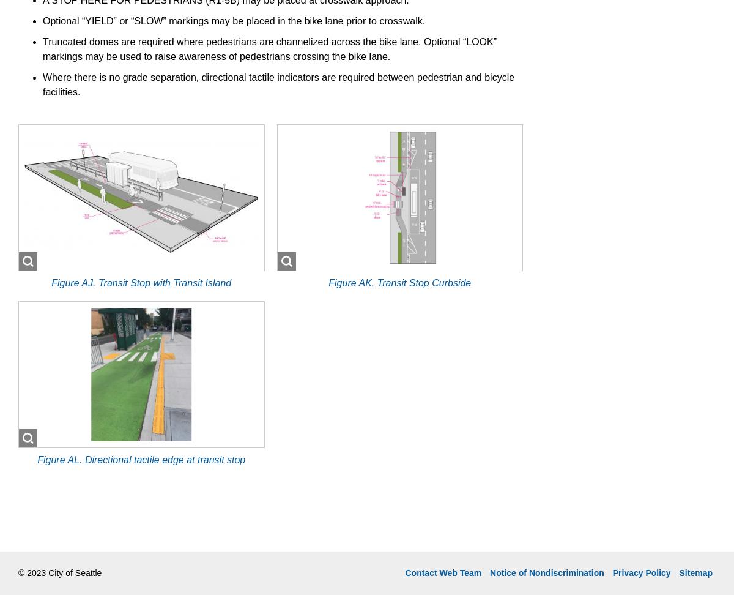  I want to click on 'Notice of Nondiscrimination', so click(546, 571).